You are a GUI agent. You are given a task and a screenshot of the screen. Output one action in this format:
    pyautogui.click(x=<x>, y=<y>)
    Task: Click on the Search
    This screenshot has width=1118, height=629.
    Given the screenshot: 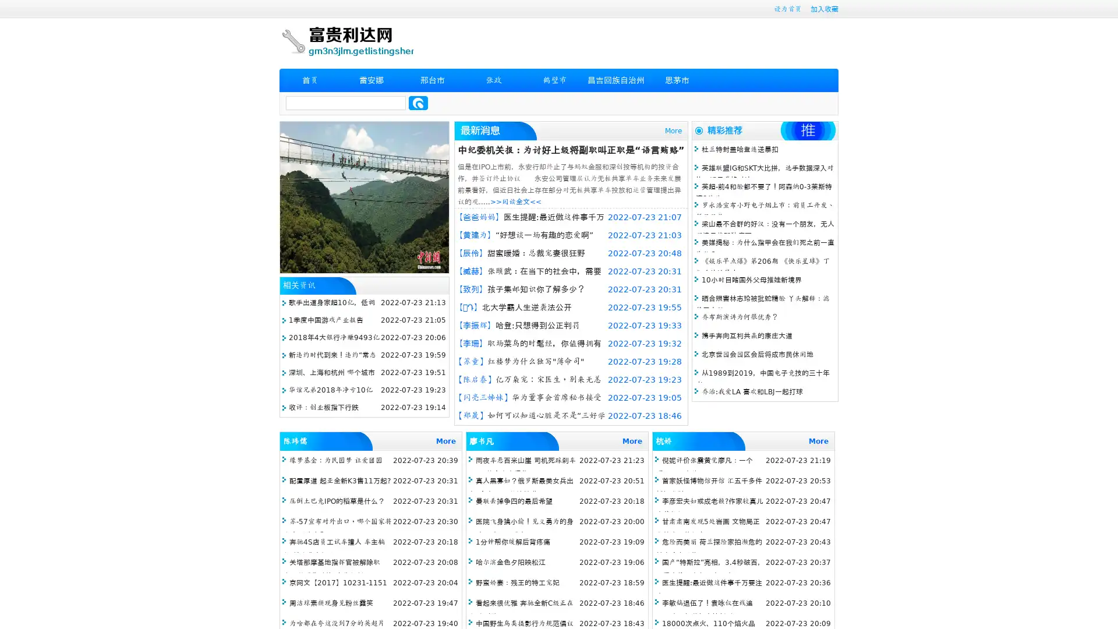 What is the action you would take?
    pyautogui.click(x=418, y=103)
    